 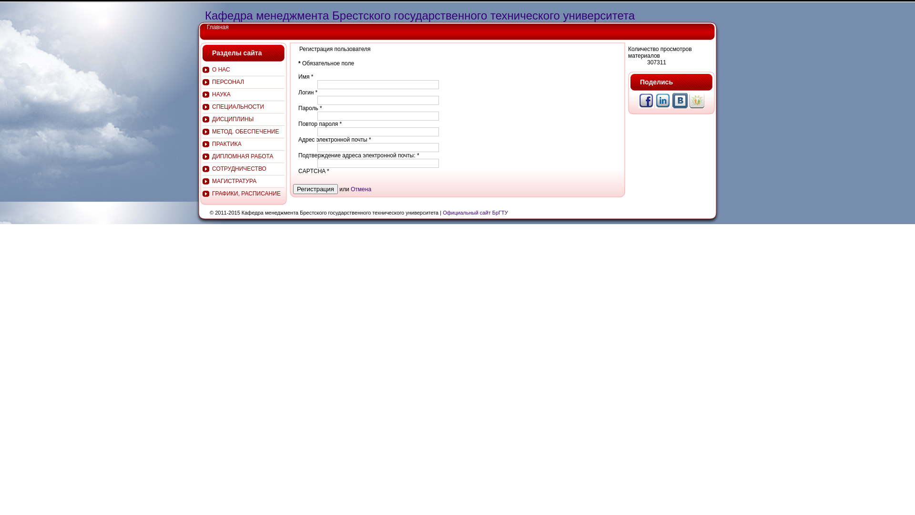 I want to click on 'MOD_MVSOCIALBUTTONS_SUBMIT', so click(x=697, y=106).